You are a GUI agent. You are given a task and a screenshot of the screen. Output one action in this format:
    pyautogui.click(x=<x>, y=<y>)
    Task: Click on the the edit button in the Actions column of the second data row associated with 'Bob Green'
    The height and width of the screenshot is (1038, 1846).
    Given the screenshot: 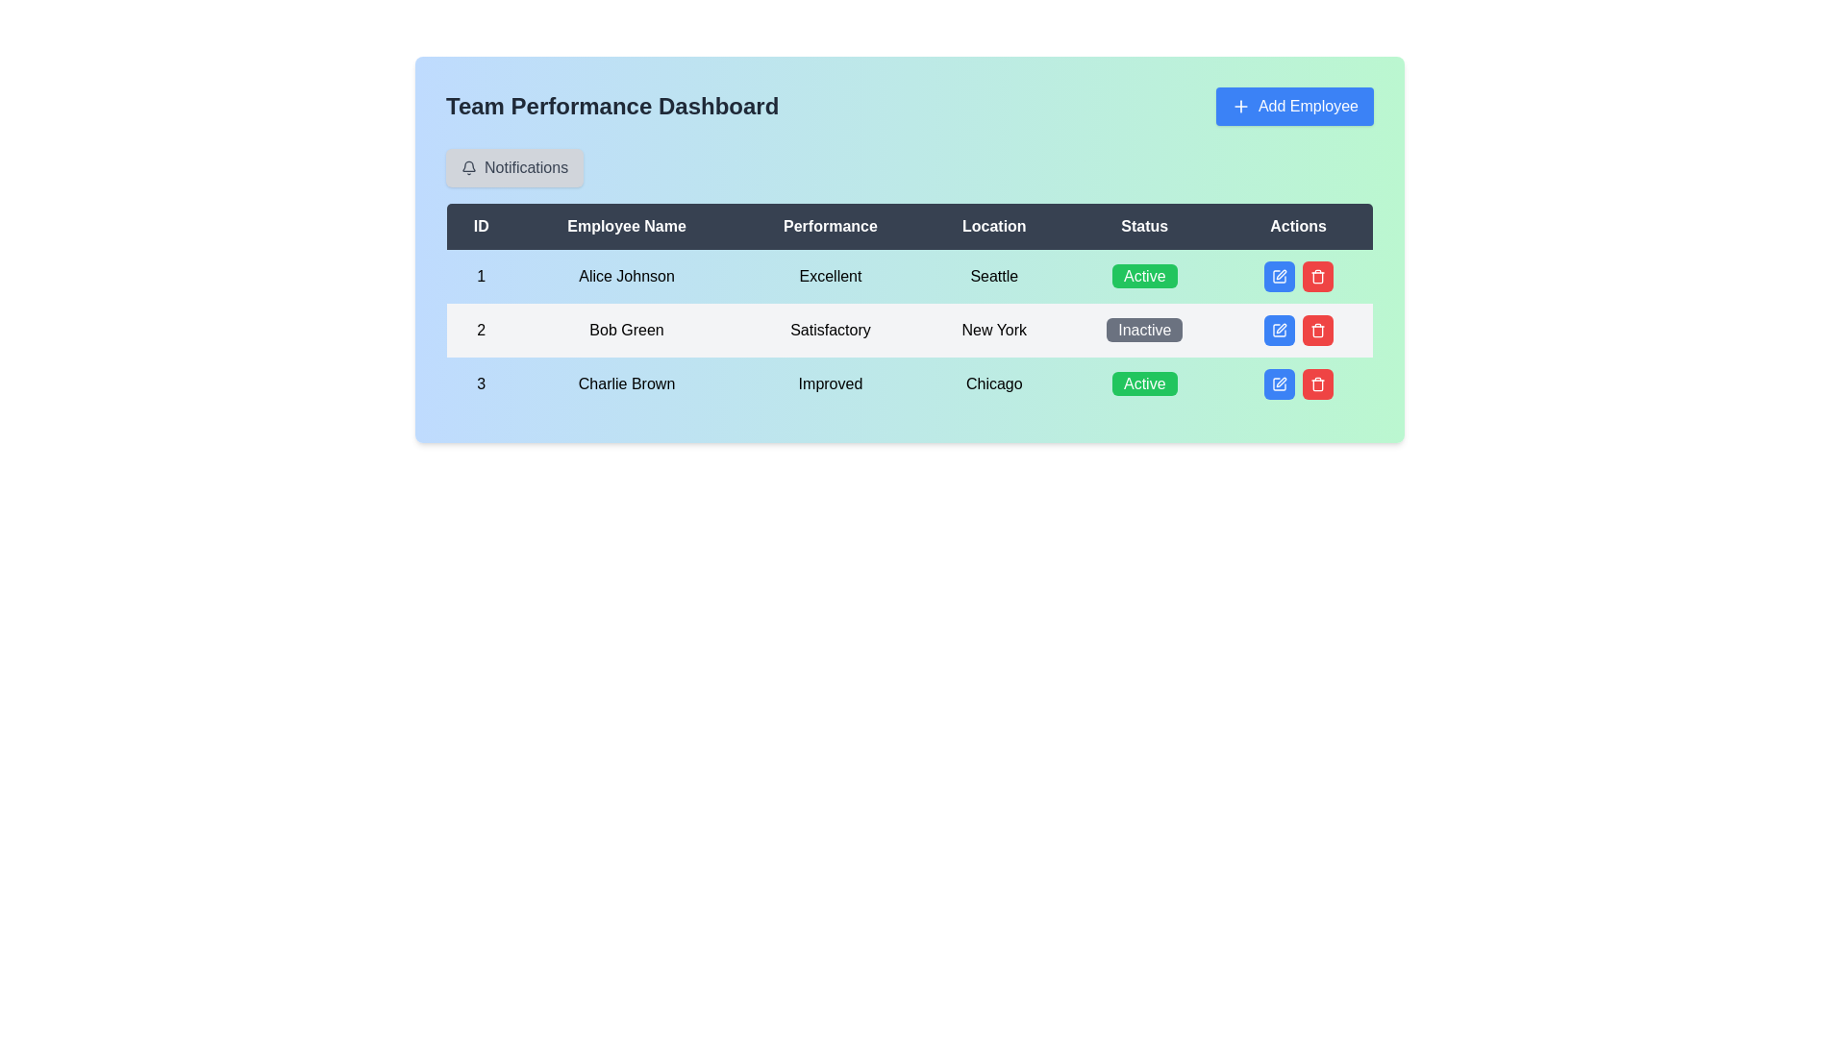 What is the action you would take?
    pyautogui.click(x=1278, y=277)
    